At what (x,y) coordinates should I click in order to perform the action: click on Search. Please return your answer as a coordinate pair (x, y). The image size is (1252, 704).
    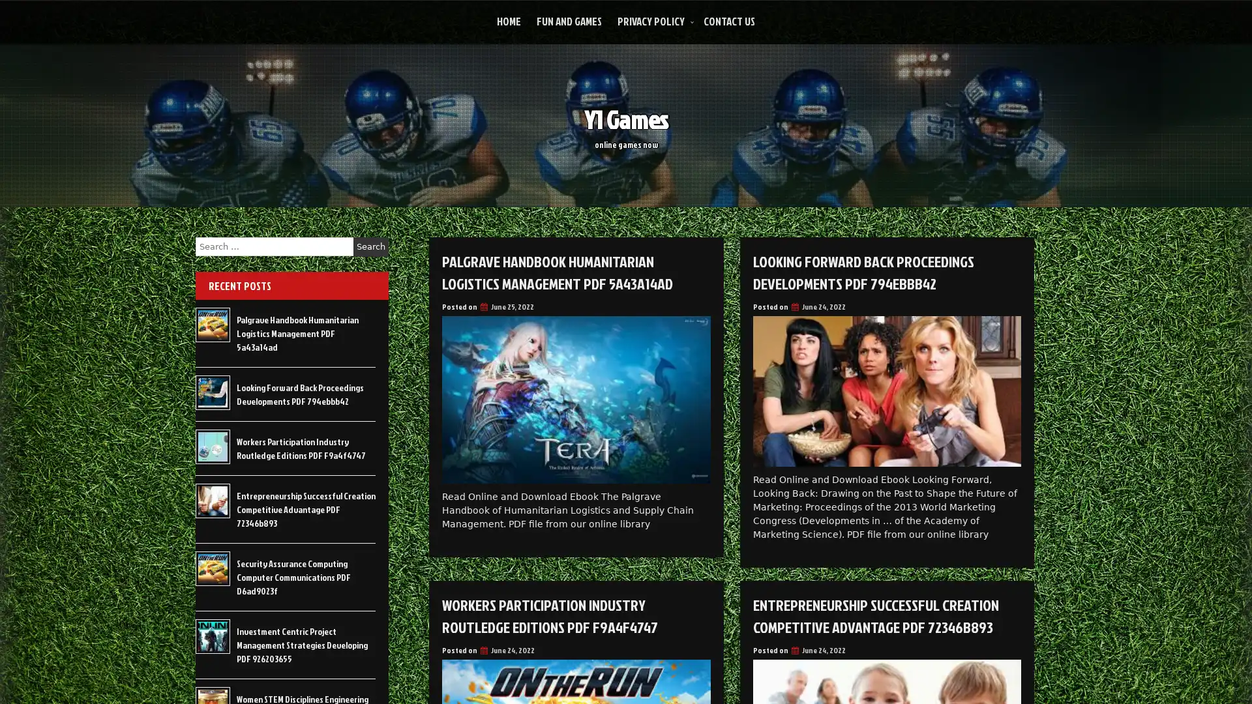
    Looking at the image, I should click on (370, 246).